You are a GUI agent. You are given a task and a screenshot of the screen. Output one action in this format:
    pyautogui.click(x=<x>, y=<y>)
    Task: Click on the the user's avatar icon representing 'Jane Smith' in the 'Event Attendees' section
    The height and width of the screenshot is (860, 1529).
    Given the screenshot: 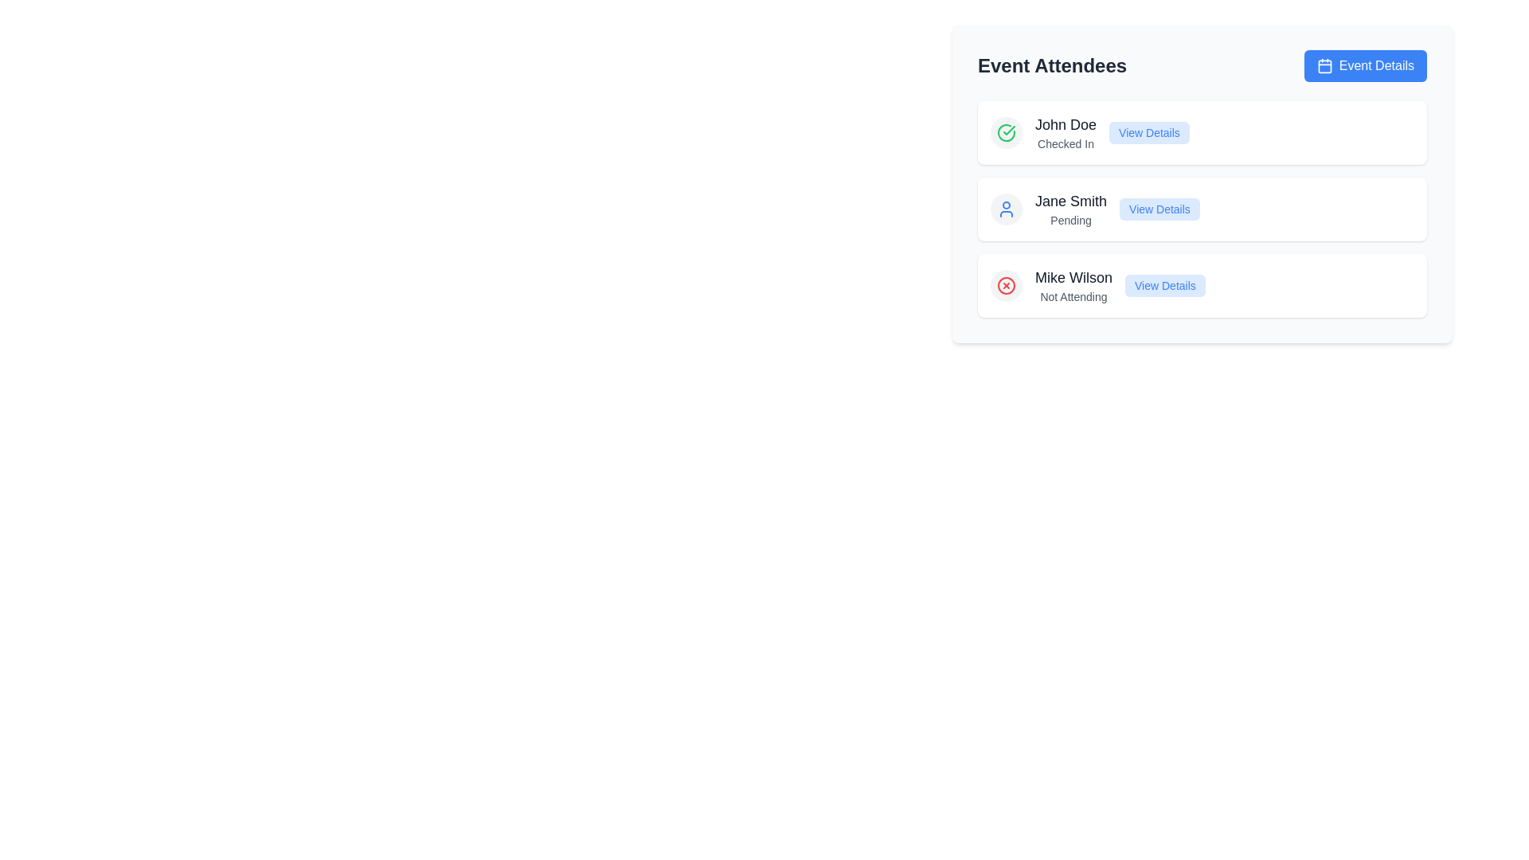 What is the action you would take?
    pyautogui.click(x=1005, y=208)
    